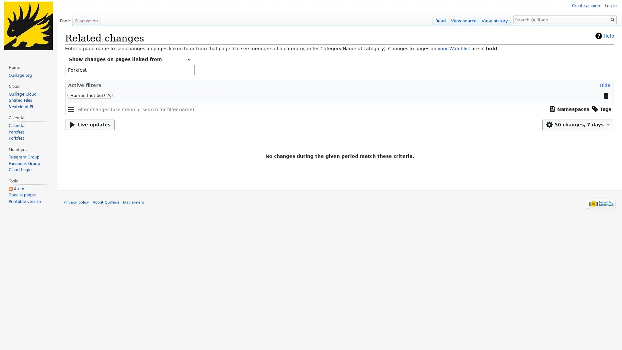  I want to click on Namespaces, so click(568, 109).